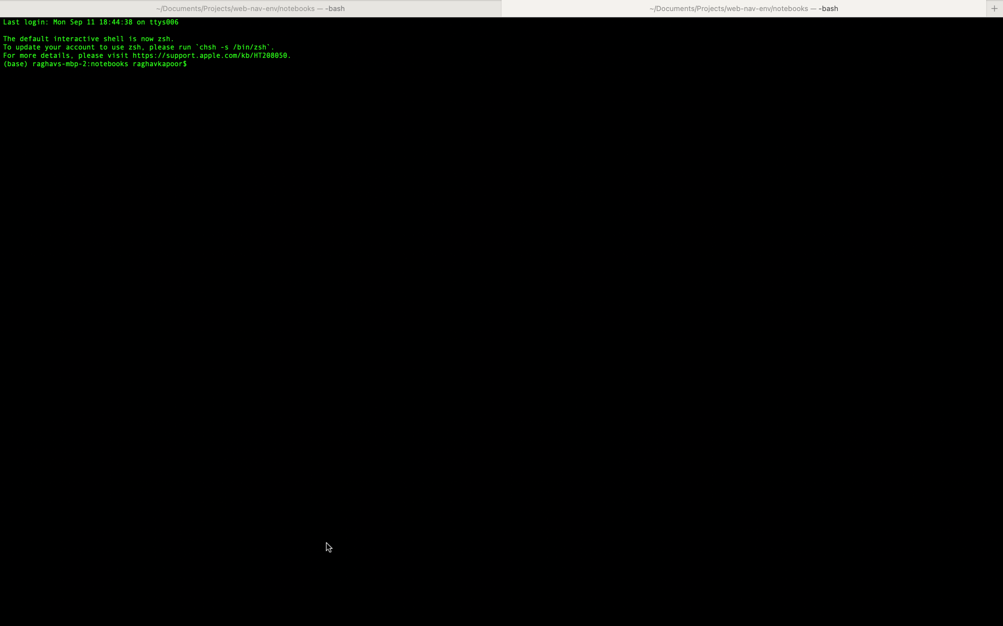 Image resolution: width=1003 pixels, height=626 pixels. What do you see at coordinates (595, 63) in the screenshot?
I see `Utilize shortcut keys to insert the copied text into the selected text input field` at bounding box center [595, 63].